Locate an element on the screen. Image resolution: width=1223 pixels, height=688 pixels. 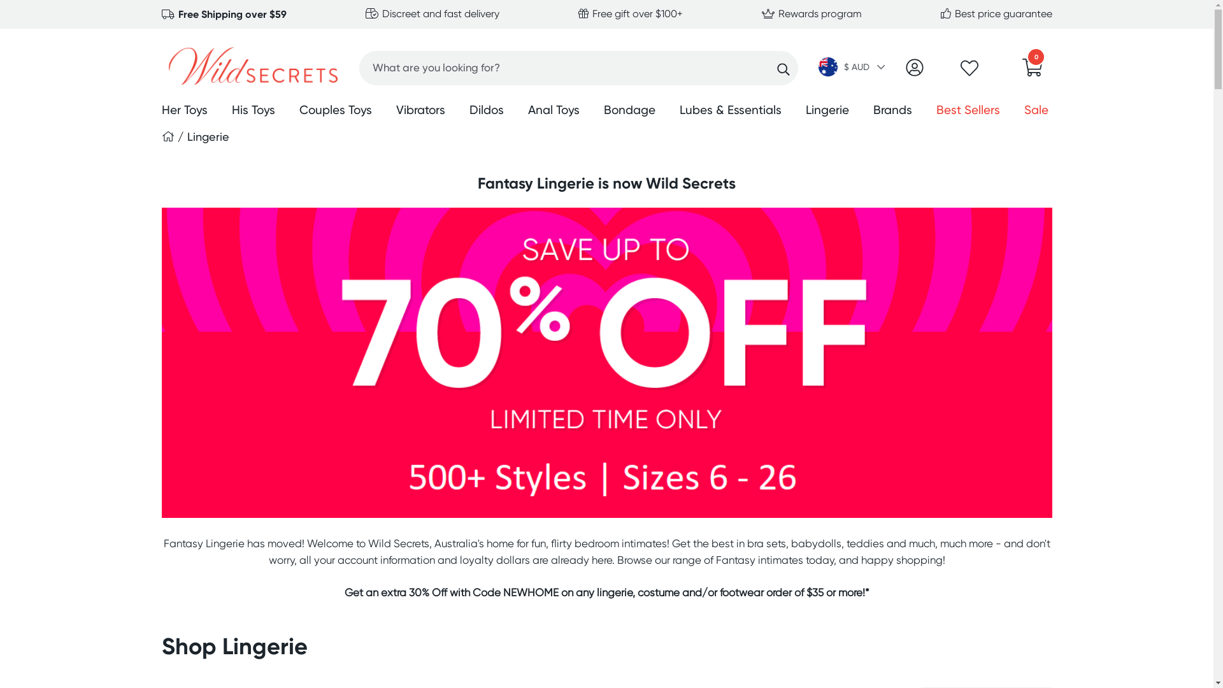
'Lingerie' is located at coordinates (208, 136).